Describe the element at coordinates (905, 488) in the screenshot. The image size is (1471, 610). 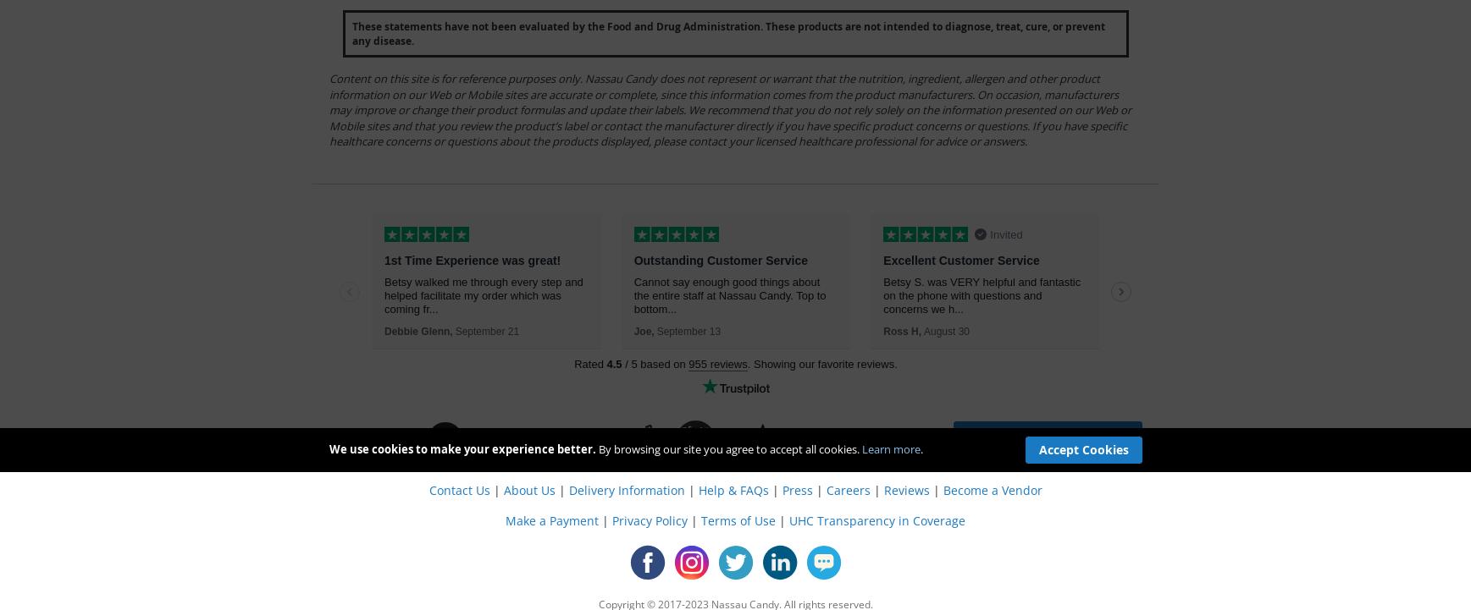
I see `'Reviews'` at that location.